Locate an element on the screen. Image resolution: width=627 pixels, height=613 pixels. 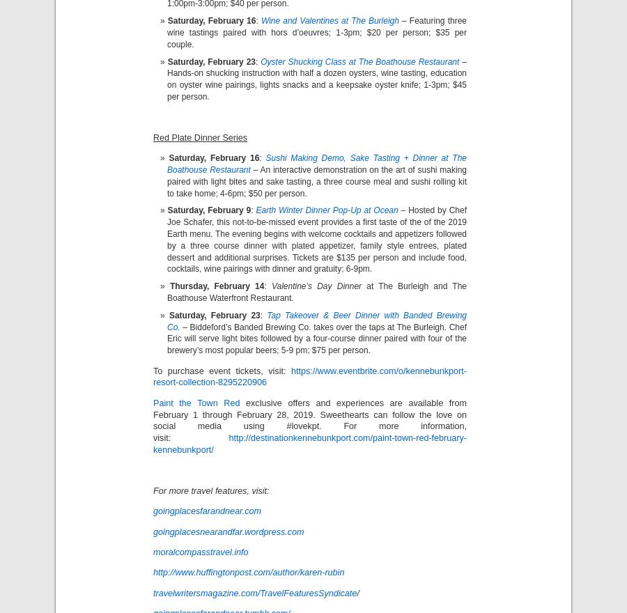
'– An interactive demonstration on the art of sushi making paired with light bites and sake tasting, a three course meal and sushi rolling kit to take home; 4-6pm; $50 per person.' is located at coordinates (316, 181).